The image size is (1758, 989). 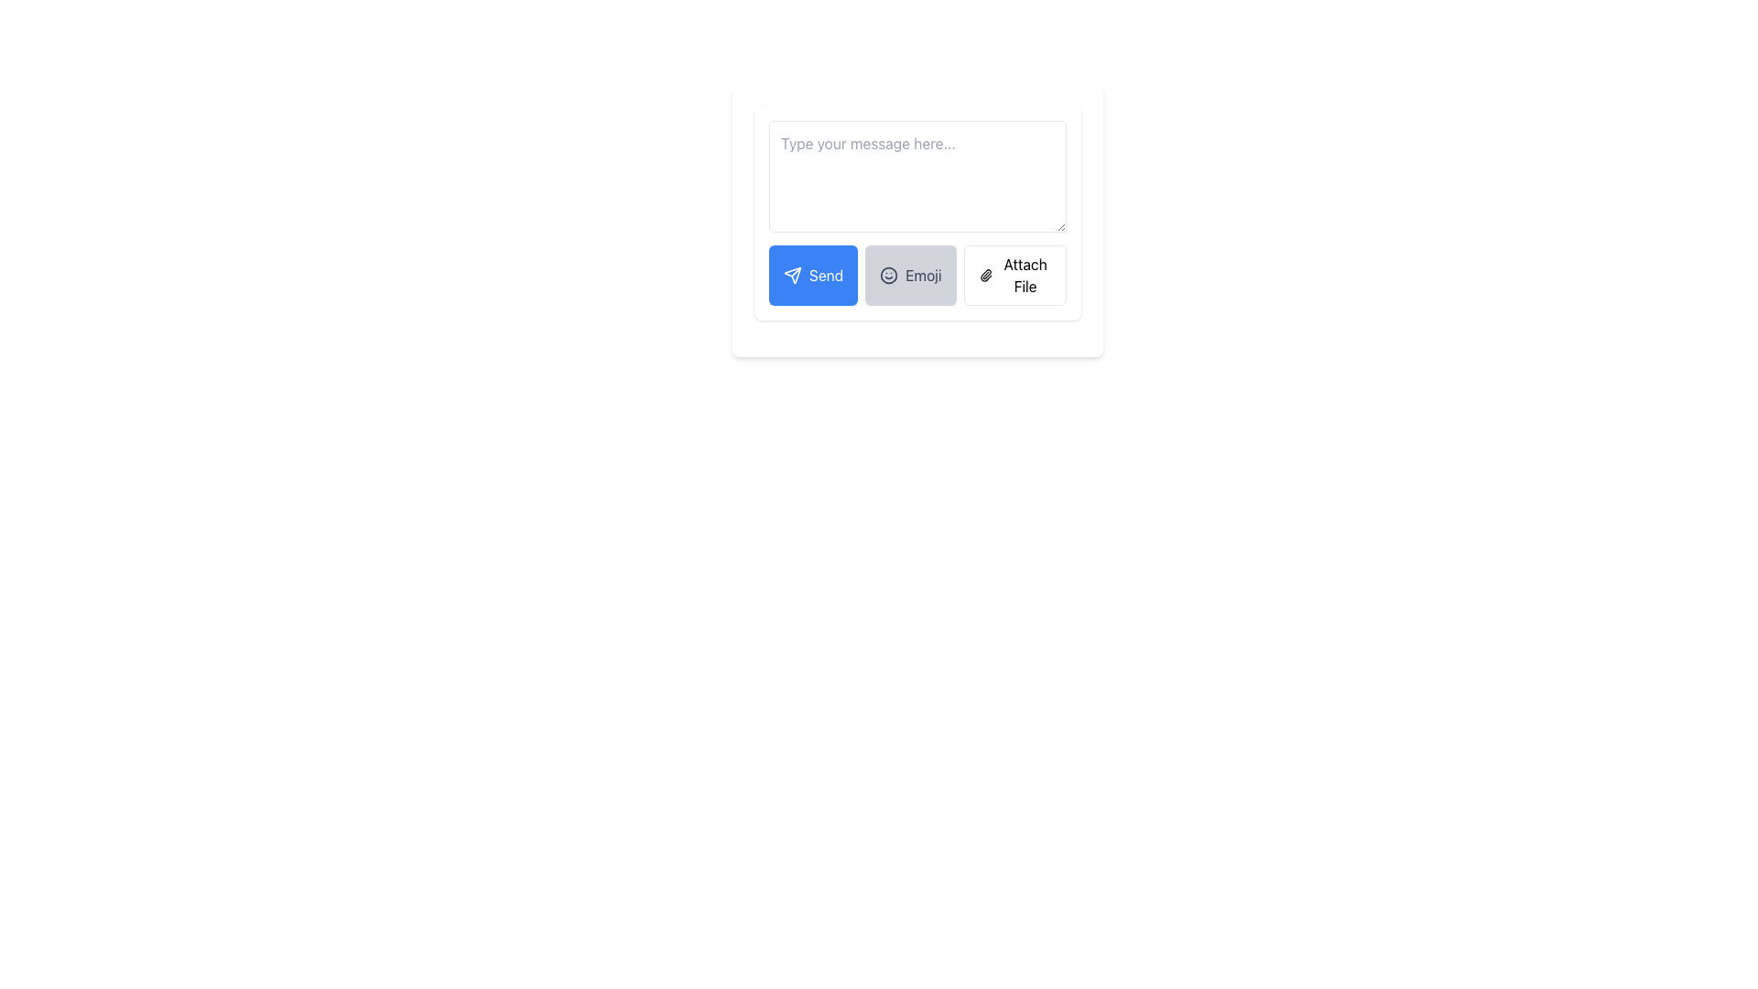 What do you see at coordinates (889, 275) in the screenshot?
I see `the SVG Circle Element that represents part of a smiley face icon located to the left of the 'Emoji' button in the toolbar below the text input field` at bounding box center [889, 275].